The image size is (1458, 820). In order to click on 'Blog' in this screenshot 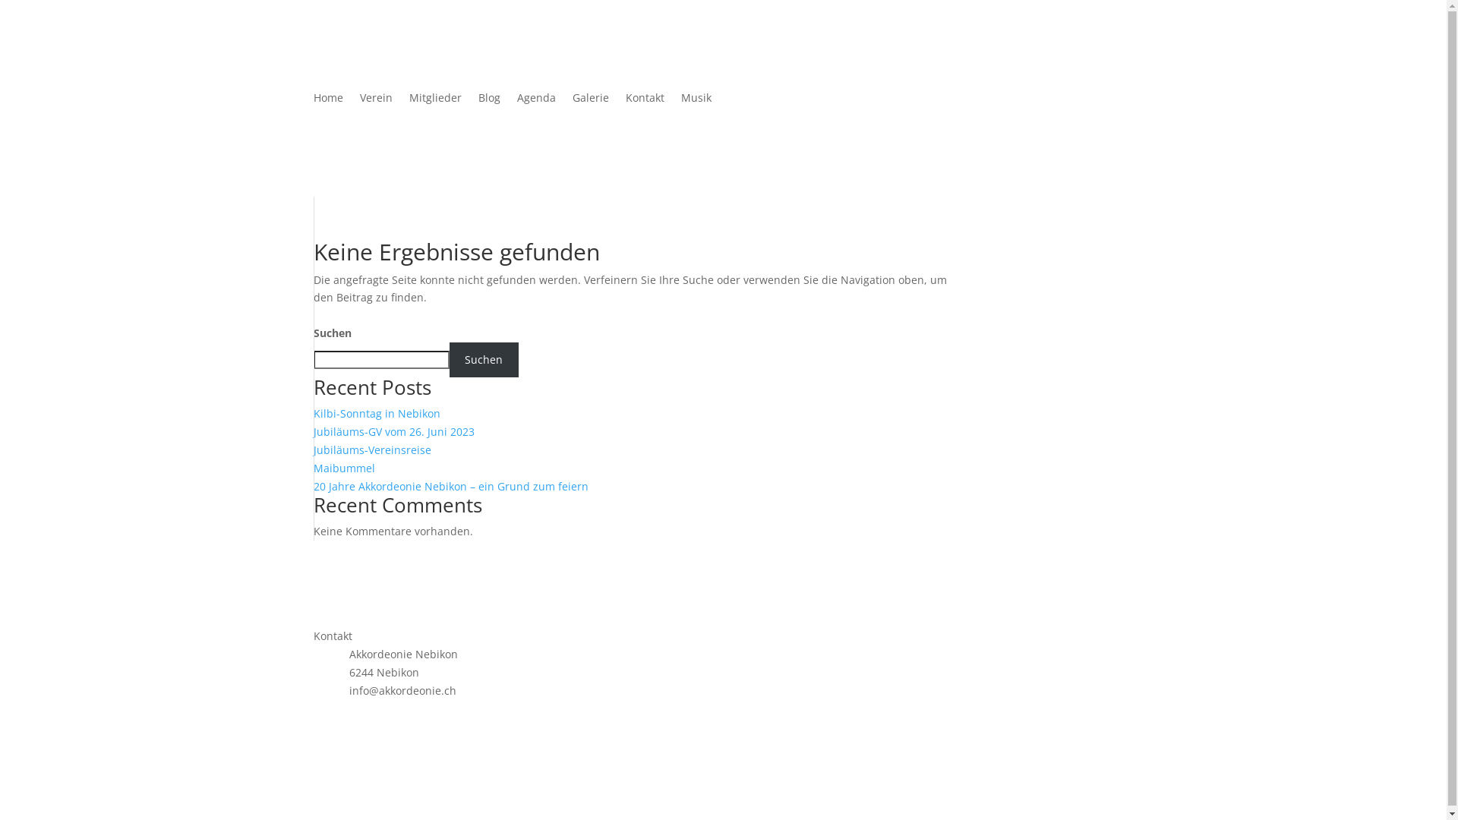, I will do `click(489, 100)`.